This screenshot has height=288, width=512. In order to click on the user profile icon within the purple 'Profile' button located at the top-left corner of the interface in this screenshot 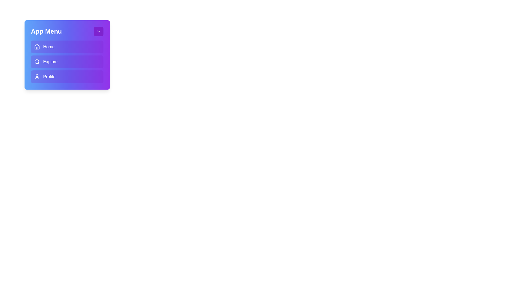, I will do `click(37, 77)`.